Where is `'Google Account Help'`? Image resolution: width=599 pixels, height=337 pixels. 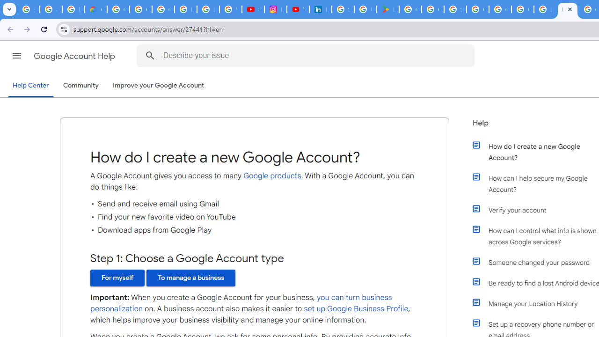 'Google Account Help' is located at coordinates (75, 56).